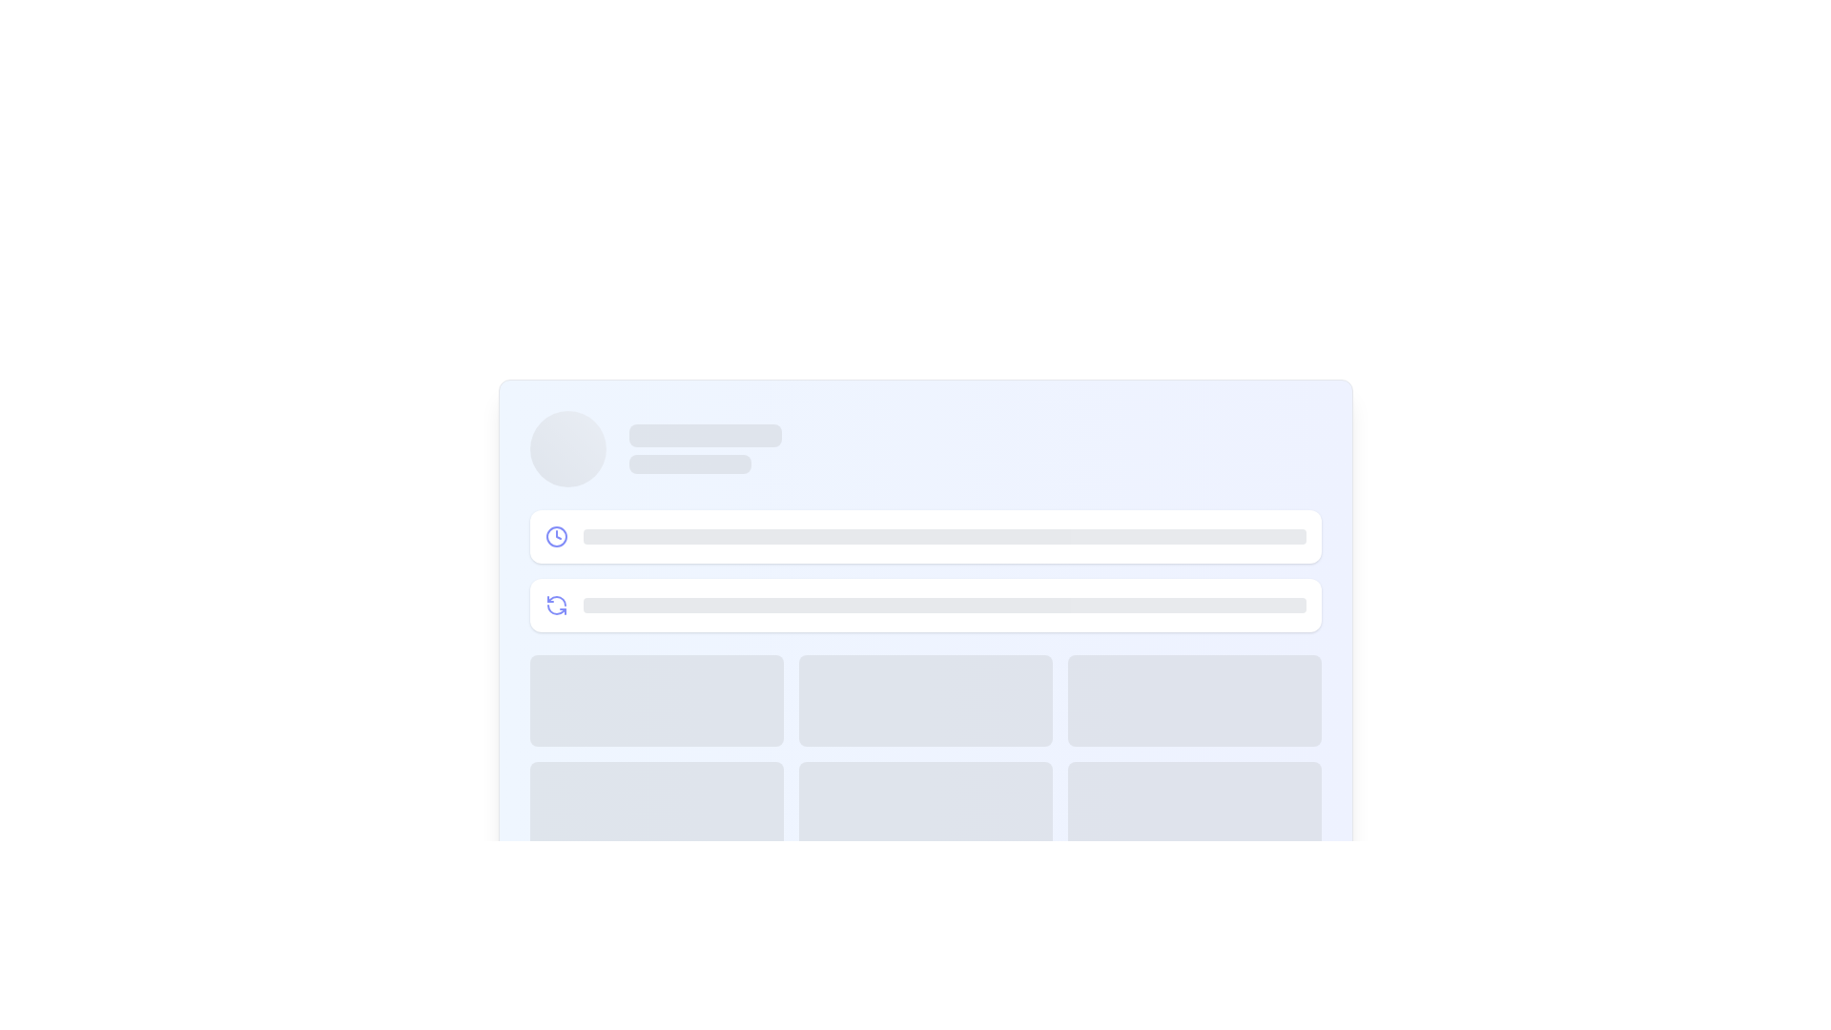  I want to click on the Placeholder block with loading animation located at the bottom-right of a 3x2 grid layout, which is the sixth item overall, so click(1193, 808).